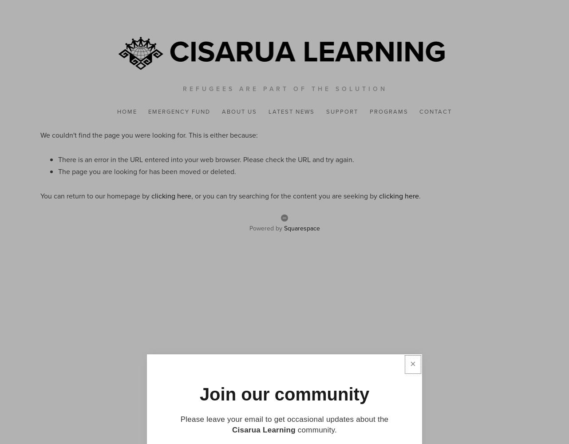 The width and height of the screenshot is (569, 444). I want to click on 'Refugees are part of the solution', so click(285, 88).